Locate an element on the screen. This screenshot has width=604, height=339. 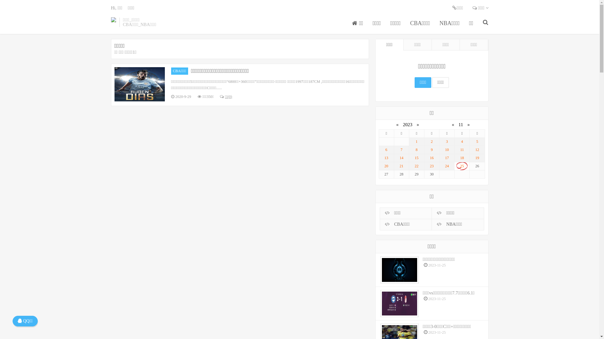
'3' is located at coordinates (440, 142).